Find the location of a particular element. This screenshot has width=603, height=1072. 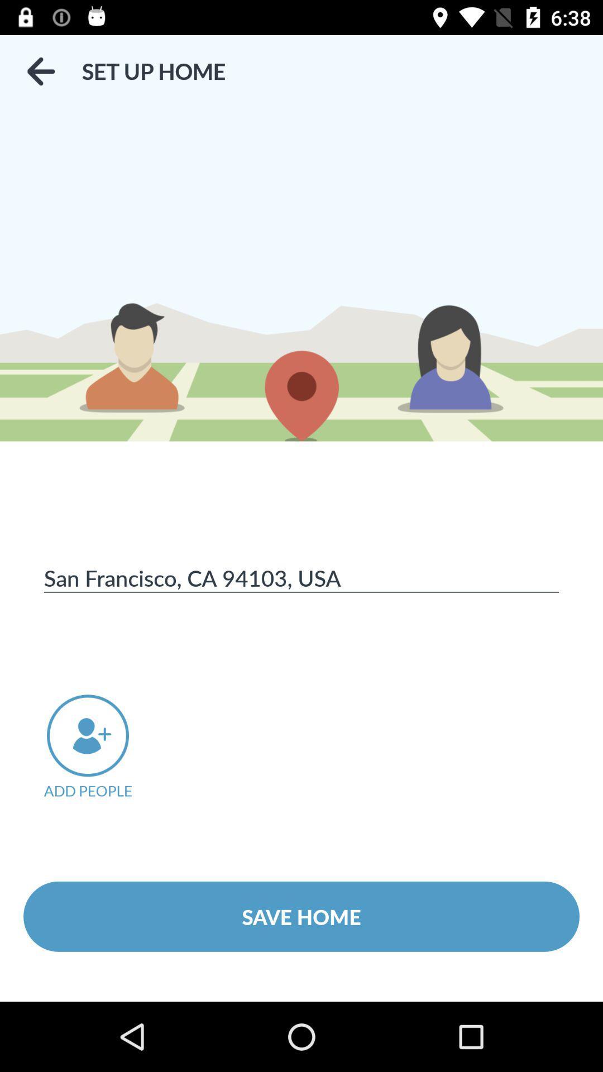

item above add people is located at coordinates (301, 577).